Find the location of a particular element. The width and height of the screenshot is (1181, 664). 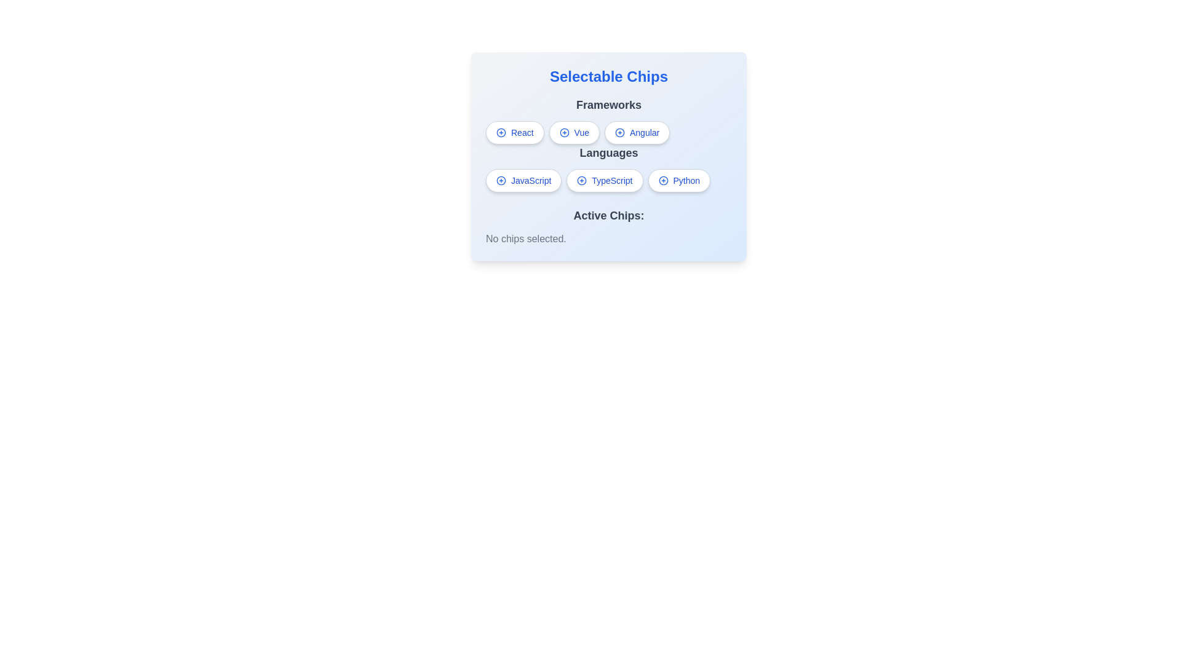

the blue circle that is part of the 'plus' symbol icon located at the center of the 'Vue' chip in the 'Frameworks' section is located at coordinates (563, 133).